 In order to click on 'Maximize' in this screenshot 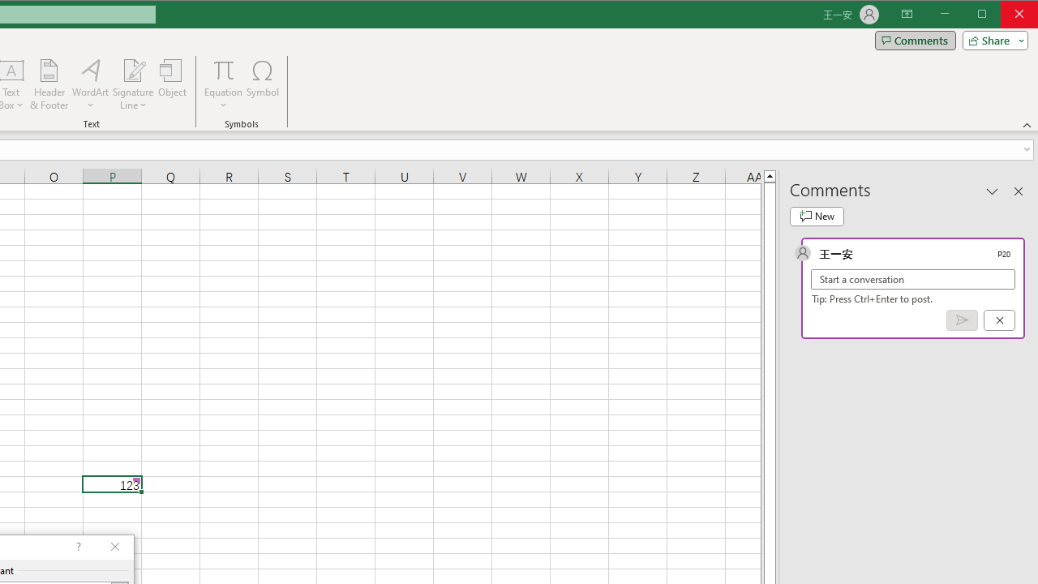, I will do `click(1004, 15)`.